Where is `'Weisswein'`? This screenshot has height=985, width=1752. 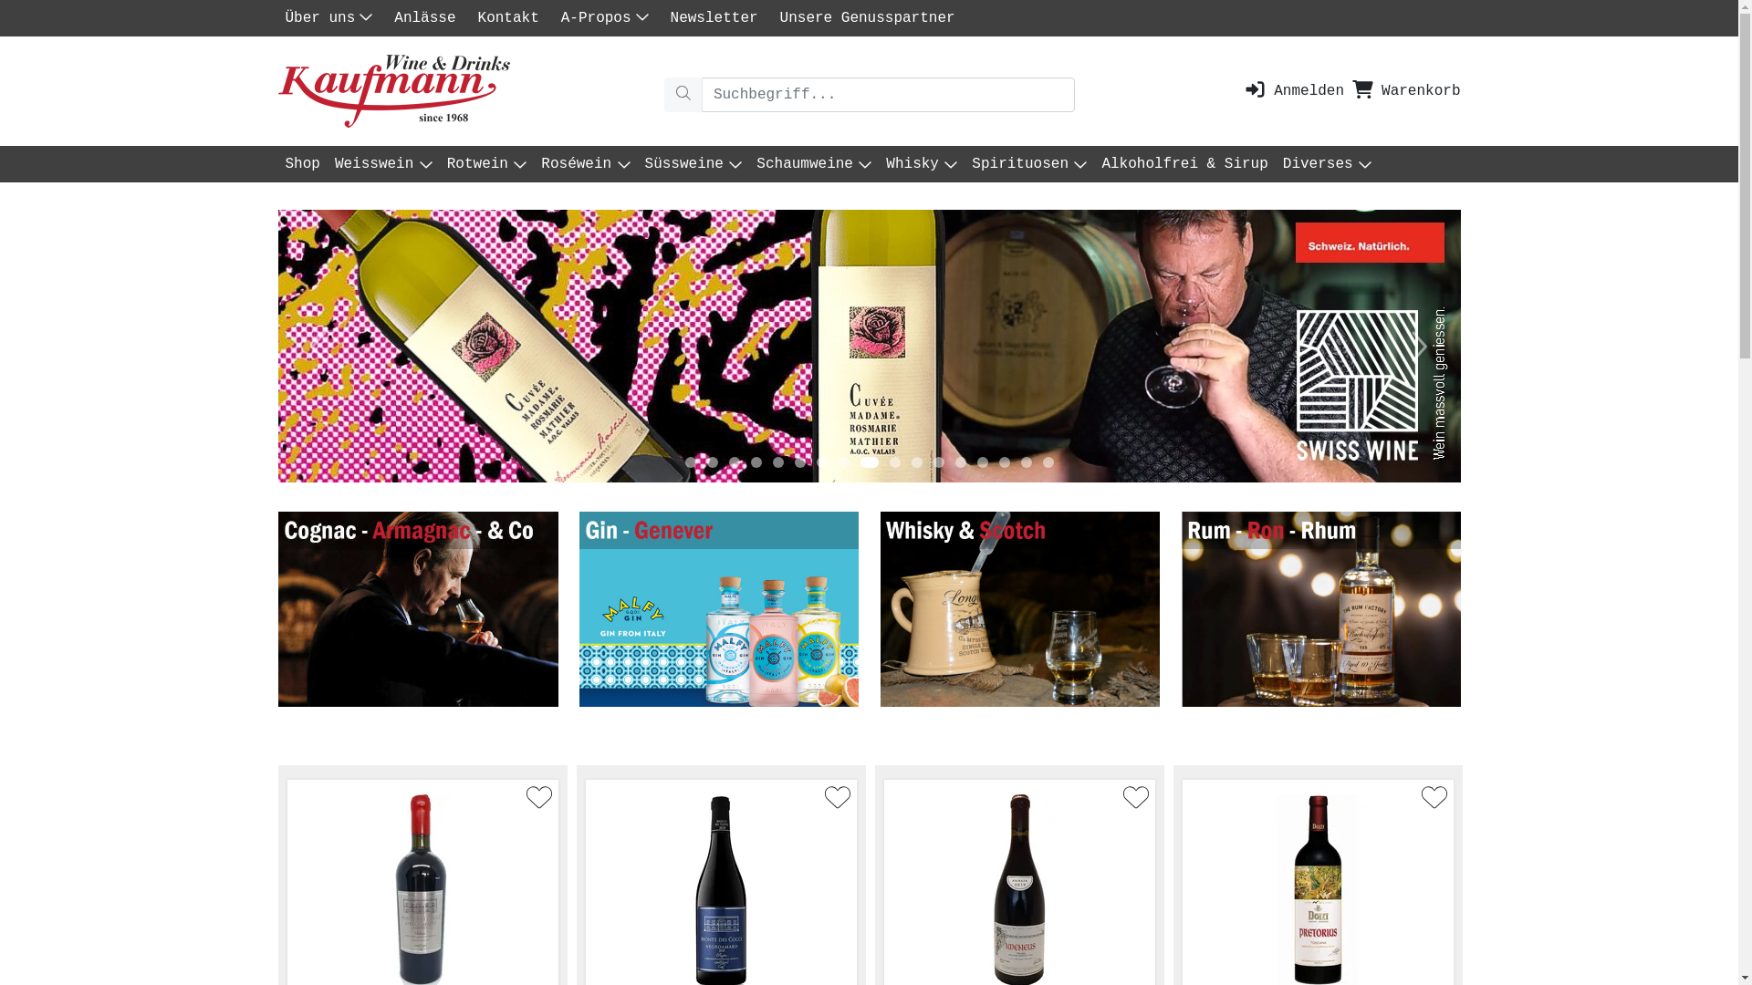
'Weisswein' is located at coordinates (328, 164).